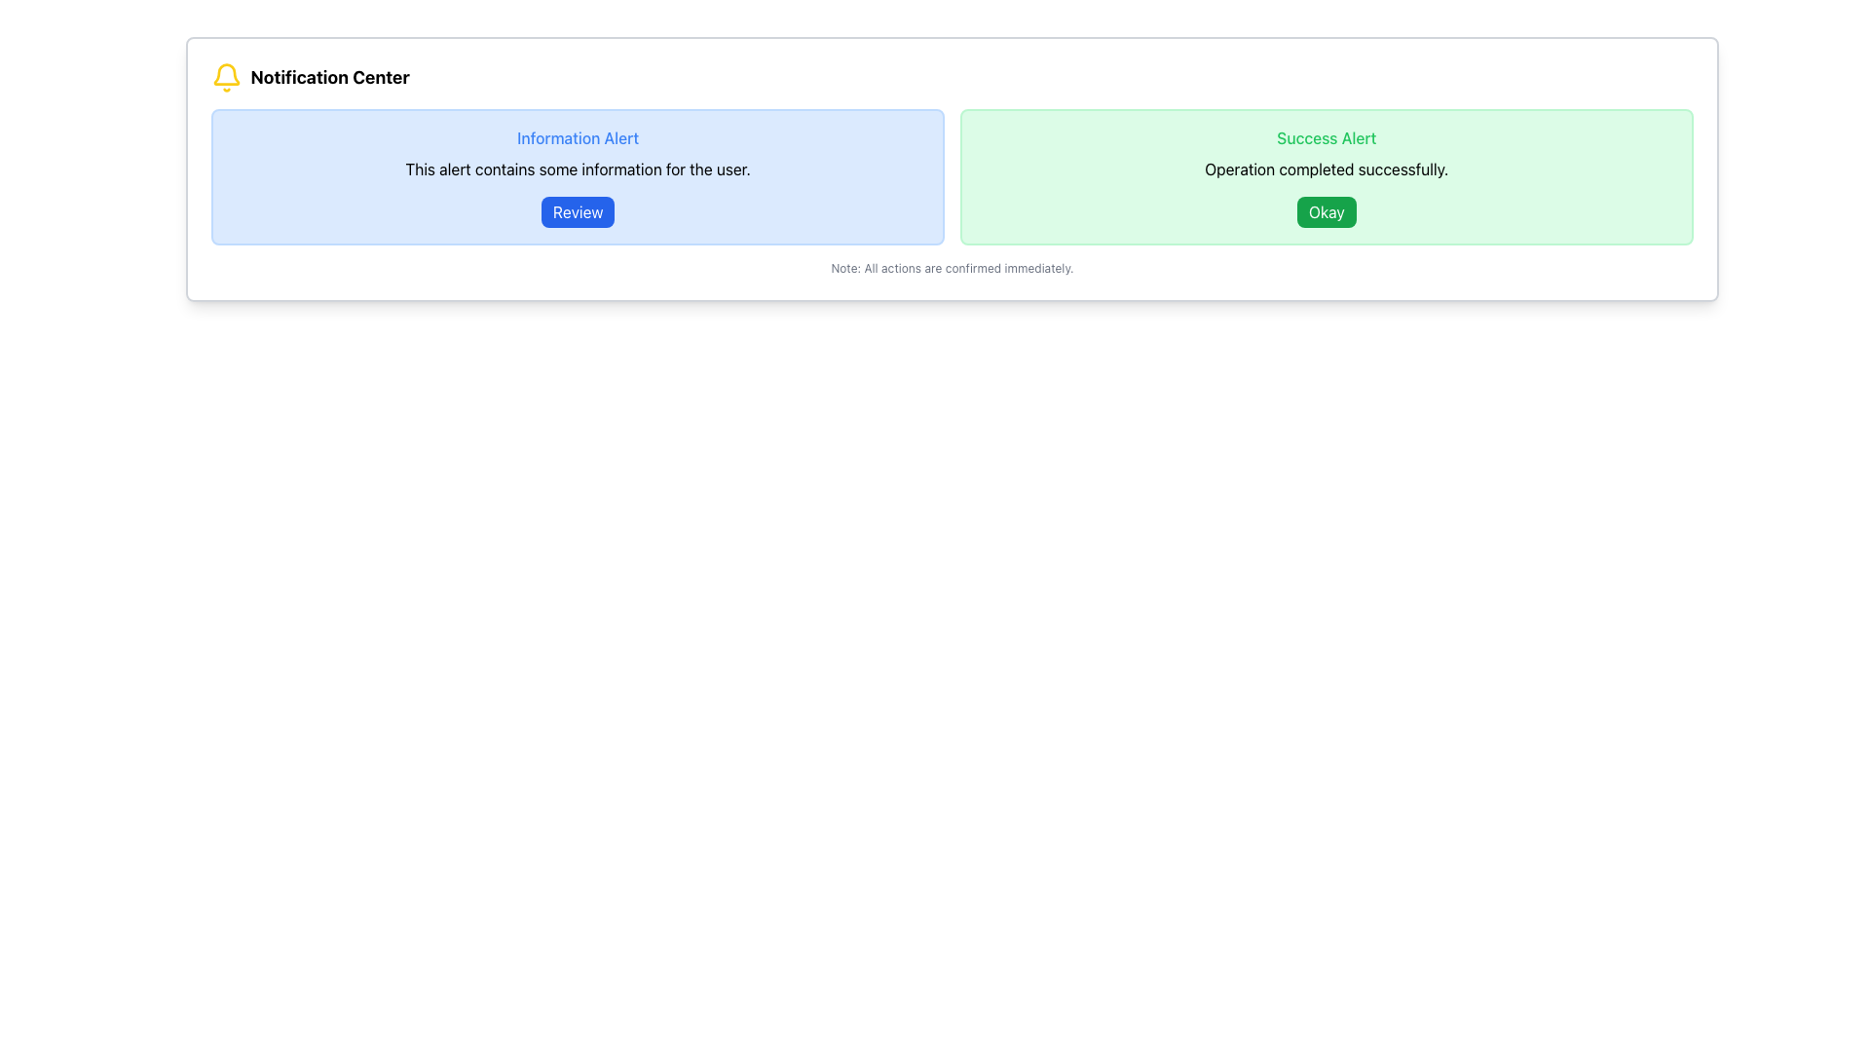 The image size is (1870, 1052). What do you see at coordinates (577, 176) in the screenshot?
I see `the informational alert box labeled 'Information Alert' to read the message` at bounding box center [577, 176].